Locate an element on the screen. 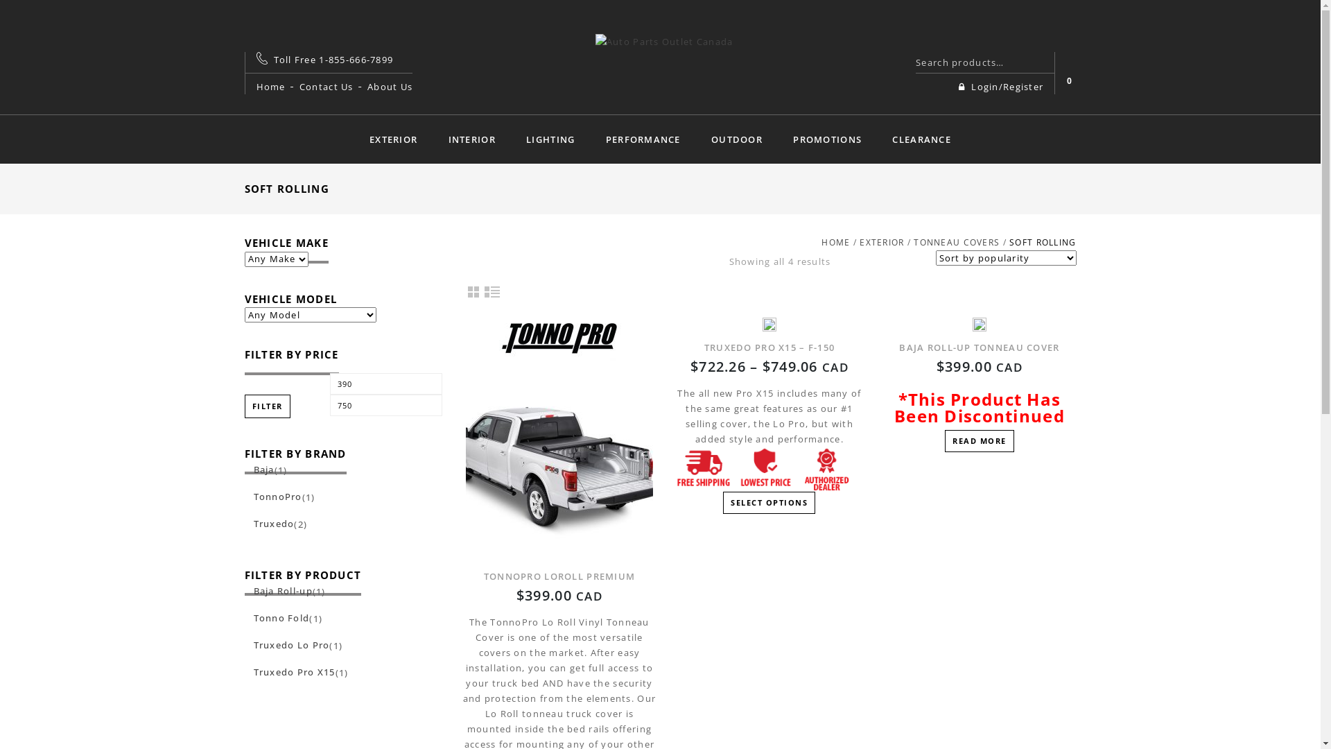 The width and height of the screenshot is (1331, 749). 'HOME' is located at coordinates (835, 241).